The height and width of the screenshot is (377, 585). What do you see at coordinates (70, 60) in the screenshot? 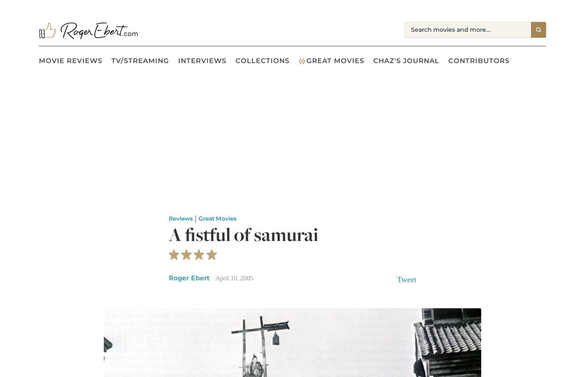
I see `'Movie Reviews'` at bounding box center [70, 60].